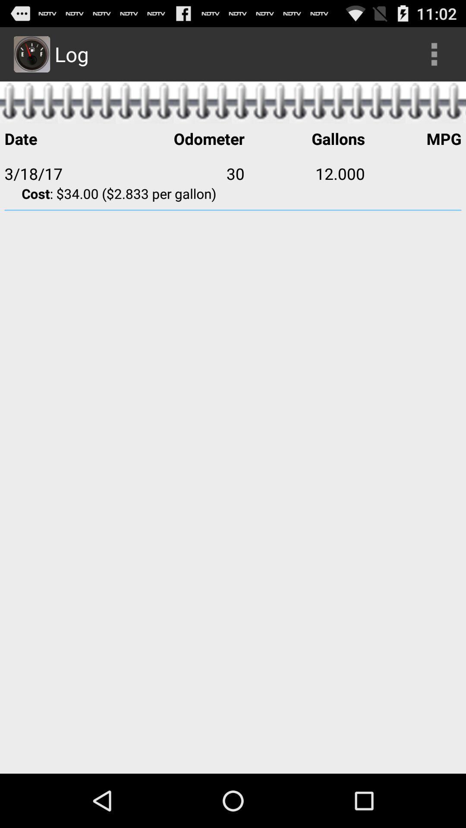 Image resolution: width=466 pixels, height=828 pixels. Describe the element at coordinates (434, 53) in the screenshot. I see `menu` at that location.